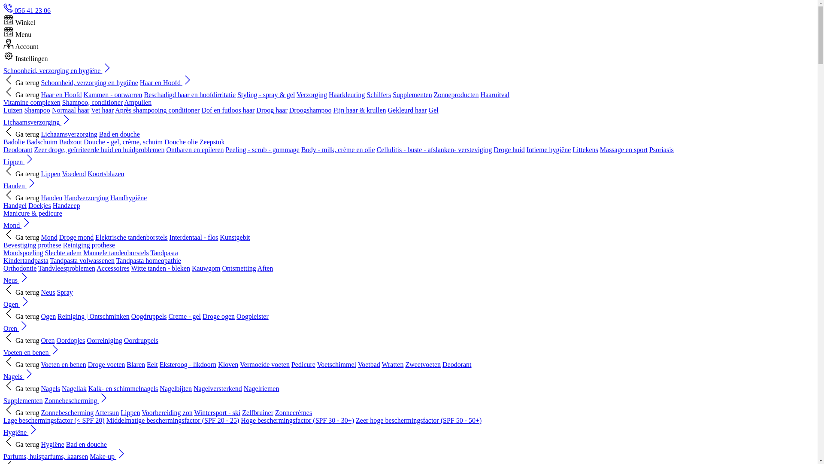 This screenshot has height=464, width=824. I want to click on 'Koortsblazen', so click(105, 174).